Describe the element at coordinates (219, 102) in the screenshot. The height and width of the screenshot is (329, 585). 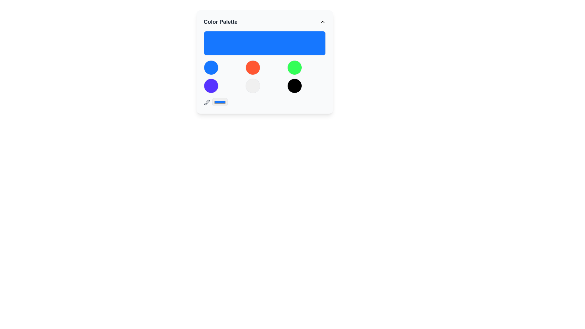
I see `the color picker button with a blue fill and gray outline` at that location.